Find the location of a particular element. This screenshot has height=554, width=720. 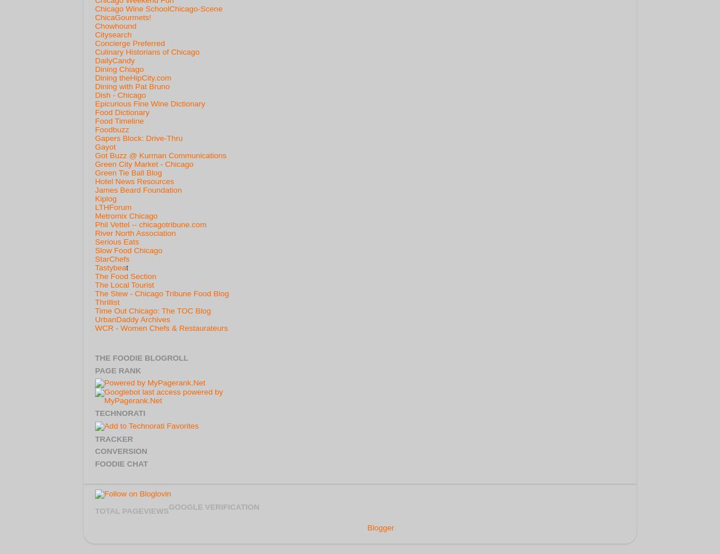

'DailyCandy' is located at coordinates (114, 60).